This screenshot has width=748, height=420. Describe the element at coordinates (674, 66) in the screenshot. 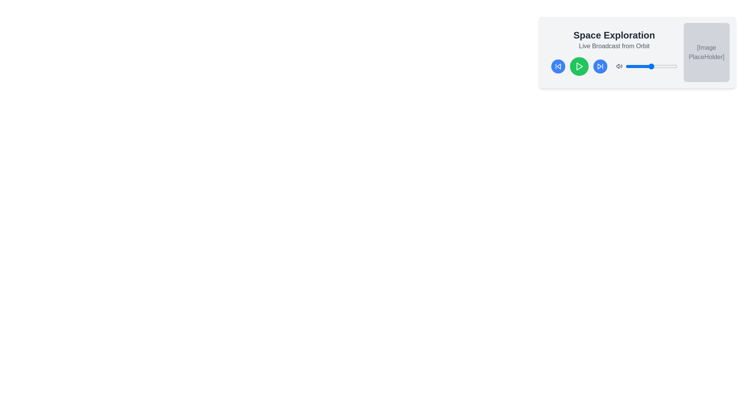

I see `slider value` at that location.